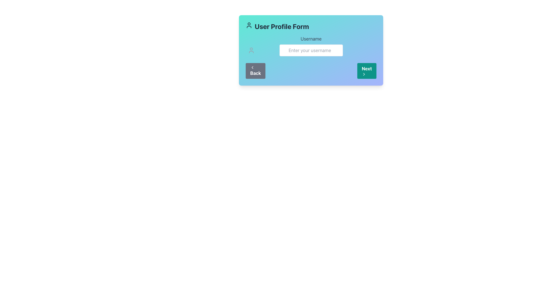 The width and height of the screenshot is (541, 304). What do you see at coordinates (366, 70) in the screenshot?
I see `the navigation button located at the bottom-right corner of the interface to proceed to the next step` at bounding box center [366, 70].